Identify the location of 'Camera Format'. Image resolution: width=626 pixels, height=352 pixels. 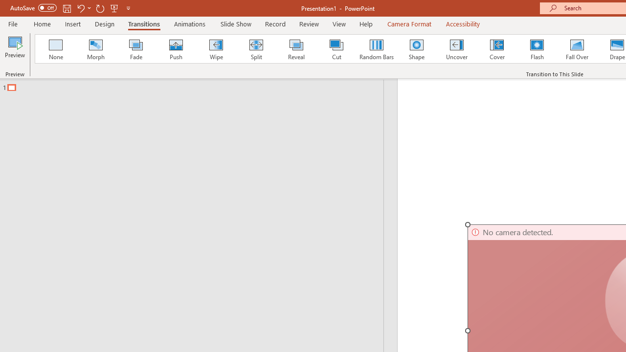
(409, 23).